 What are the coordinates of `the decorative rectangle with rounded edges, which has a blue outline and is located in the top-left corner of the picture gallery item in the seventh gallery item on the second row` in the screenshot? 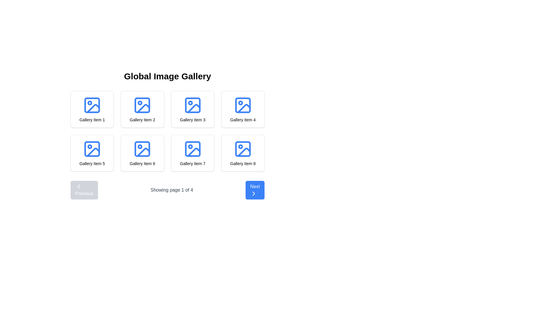 It's located at (192, 148).